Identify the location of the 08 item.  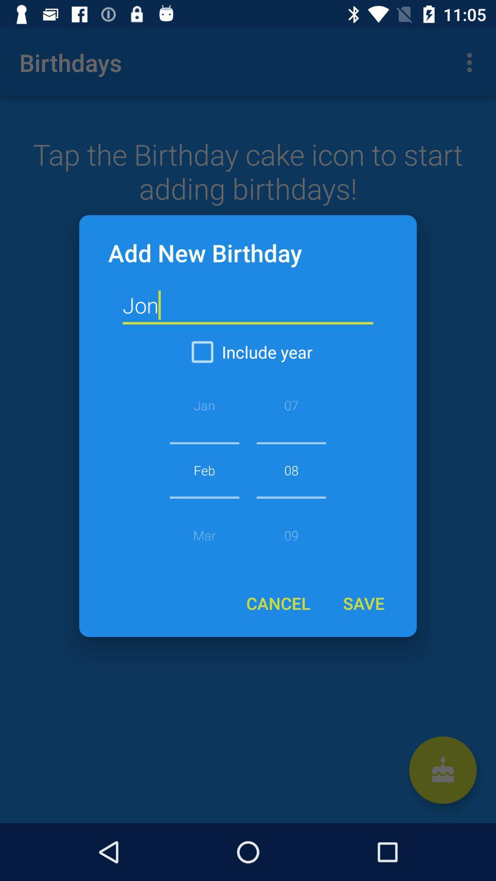
(291, 470).